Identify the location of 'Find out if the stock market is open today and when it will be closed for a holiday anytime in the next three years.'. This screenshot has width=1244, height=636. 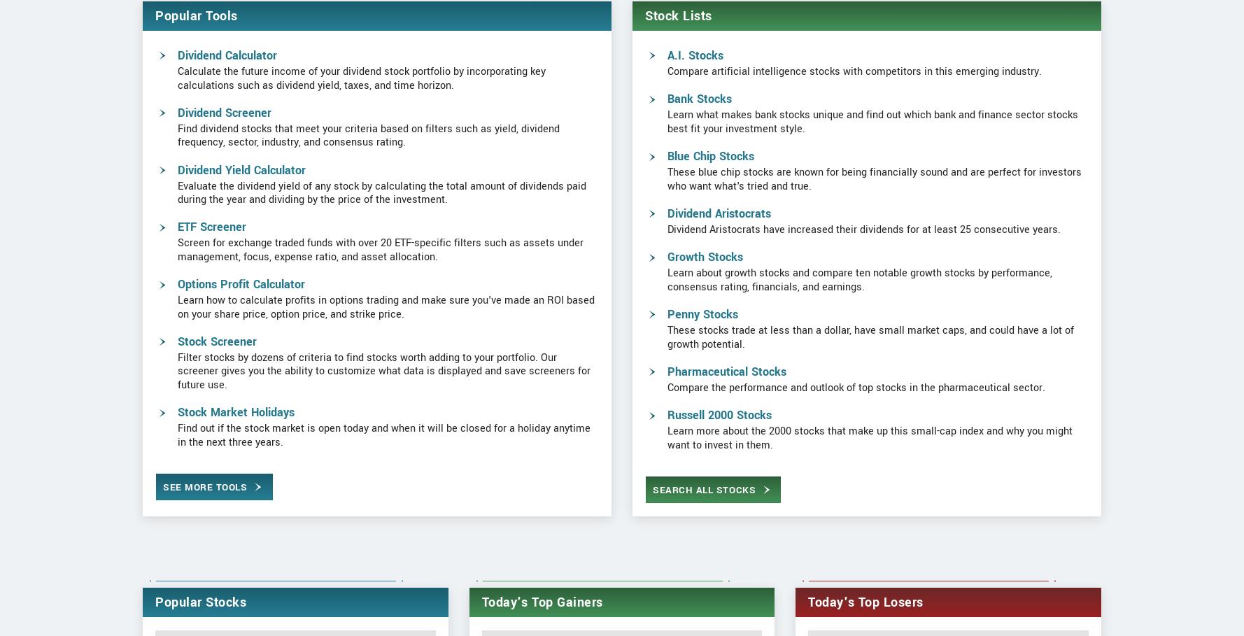
(384, 488).